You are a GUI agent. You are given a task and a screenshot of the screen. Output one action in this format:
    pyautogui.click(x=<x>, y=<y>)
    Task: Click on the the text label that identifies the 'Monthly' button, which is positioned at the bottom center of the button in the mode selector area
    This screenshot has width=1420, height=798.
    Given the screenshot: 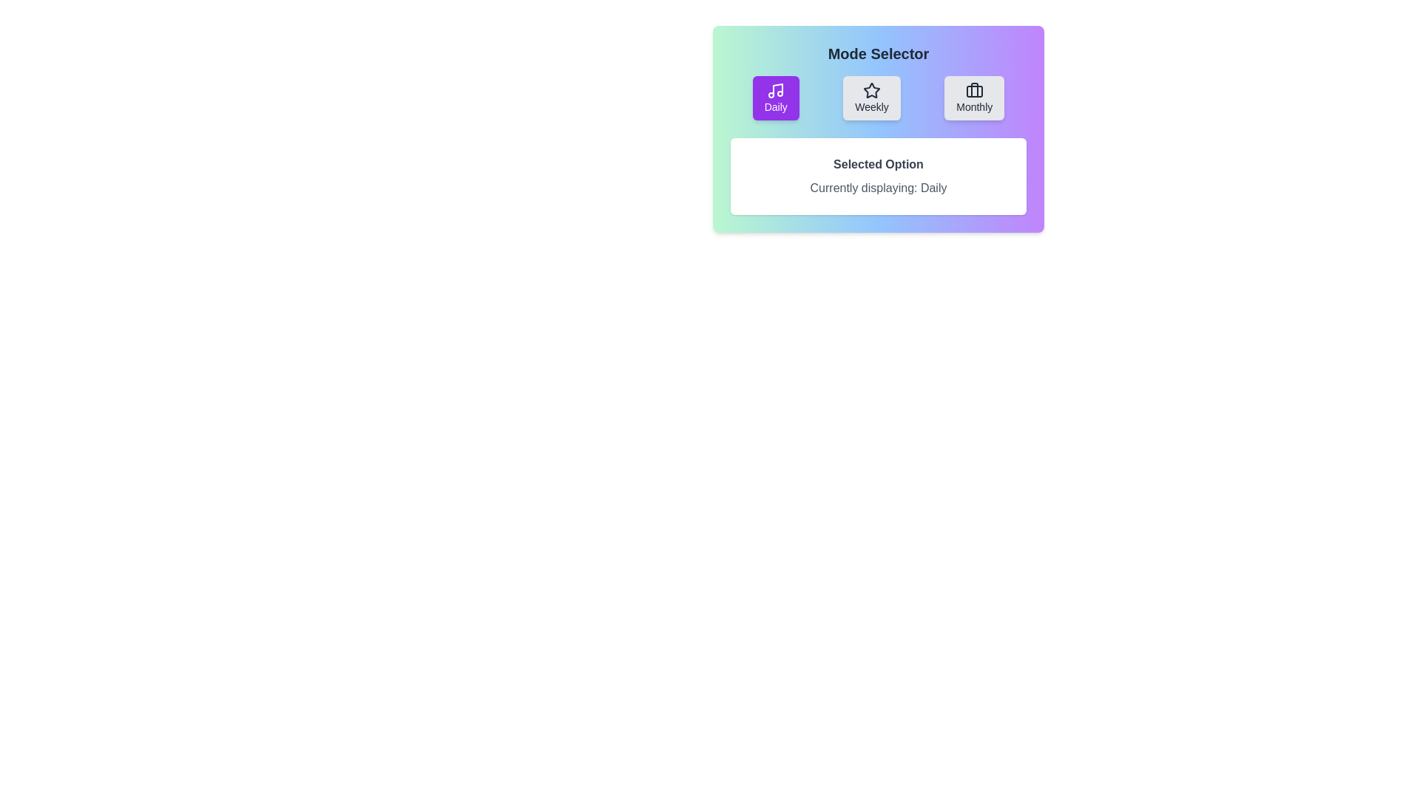 What is the action you would take?
    pyautogui.click(x=974, y=106)
    